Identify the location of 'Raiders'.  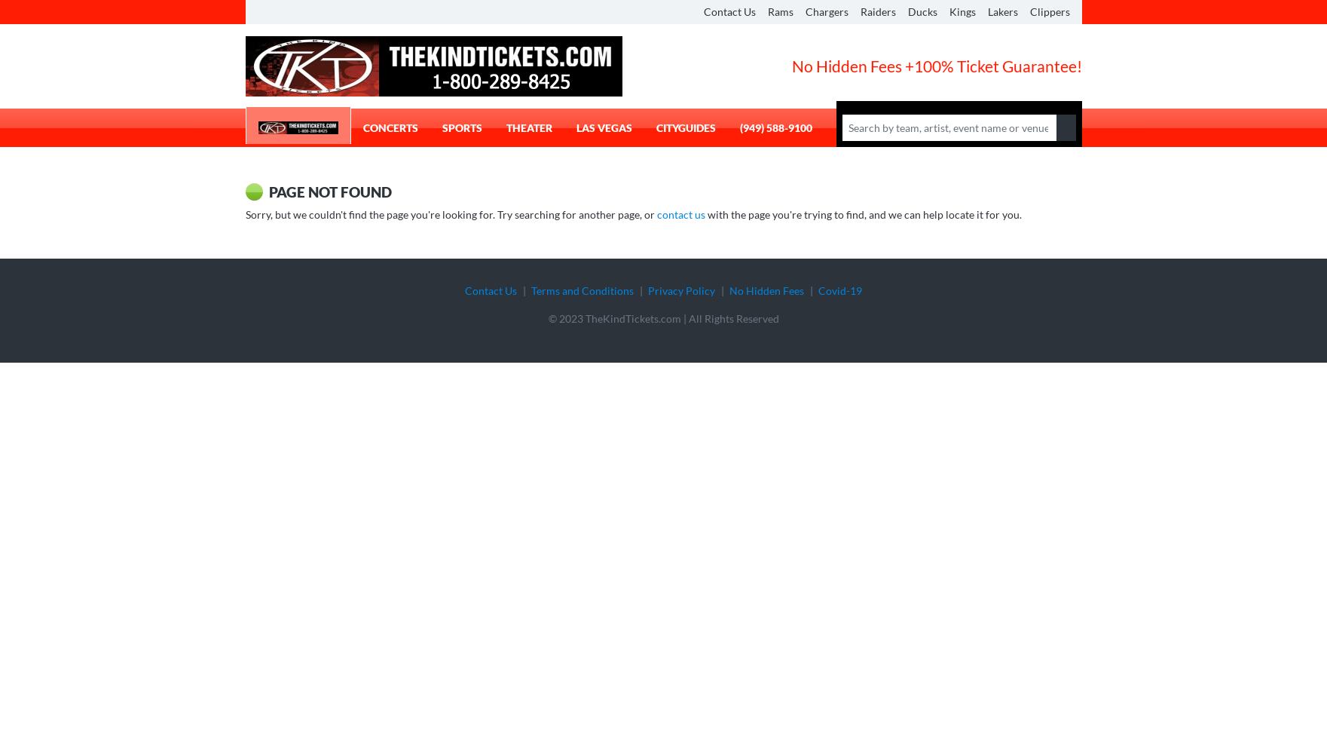
(876, 11).